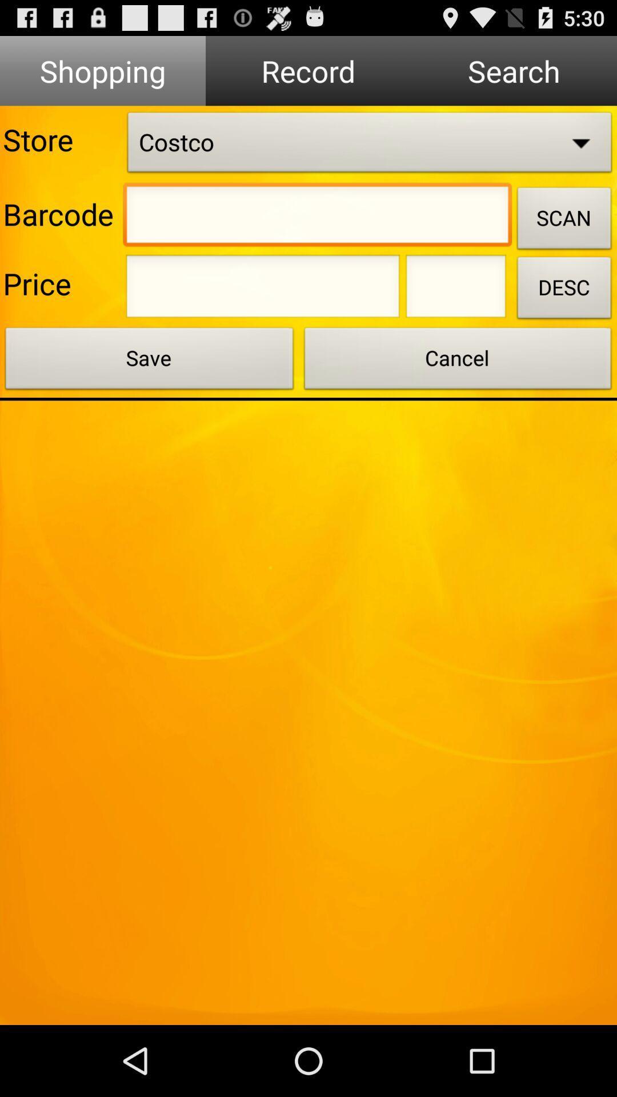 This screenshot has width=617, height=1097. Describe the element at coordinates (263, 290) in the screenshot. I see `price pega` at that location.